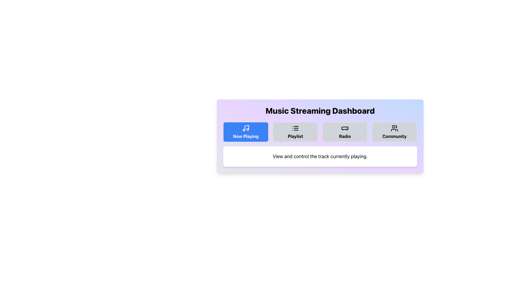 The height and width of the screenshot is (291, 517). I want to click on the 'Playlist' button on the Navigation bar located near the center of the 'Music Streaming Dashboard' section, so click(320, 132).